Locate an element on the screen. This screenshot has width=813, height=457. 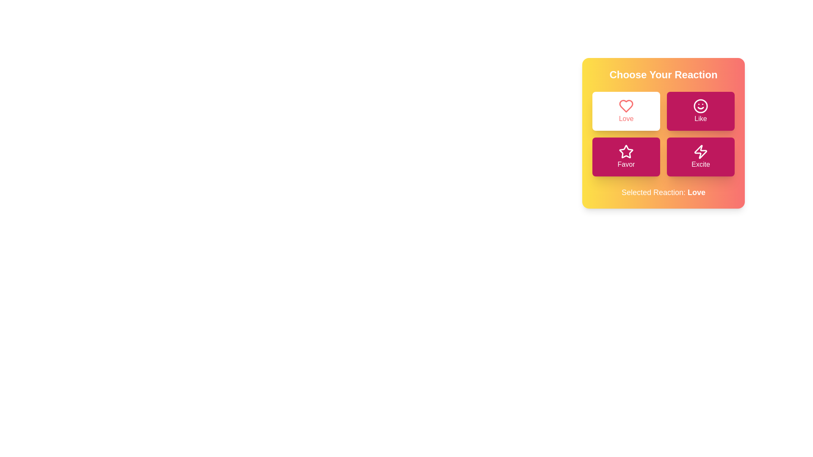
the button corresponding to the reaction Favor is located at coordinates (626, 157).